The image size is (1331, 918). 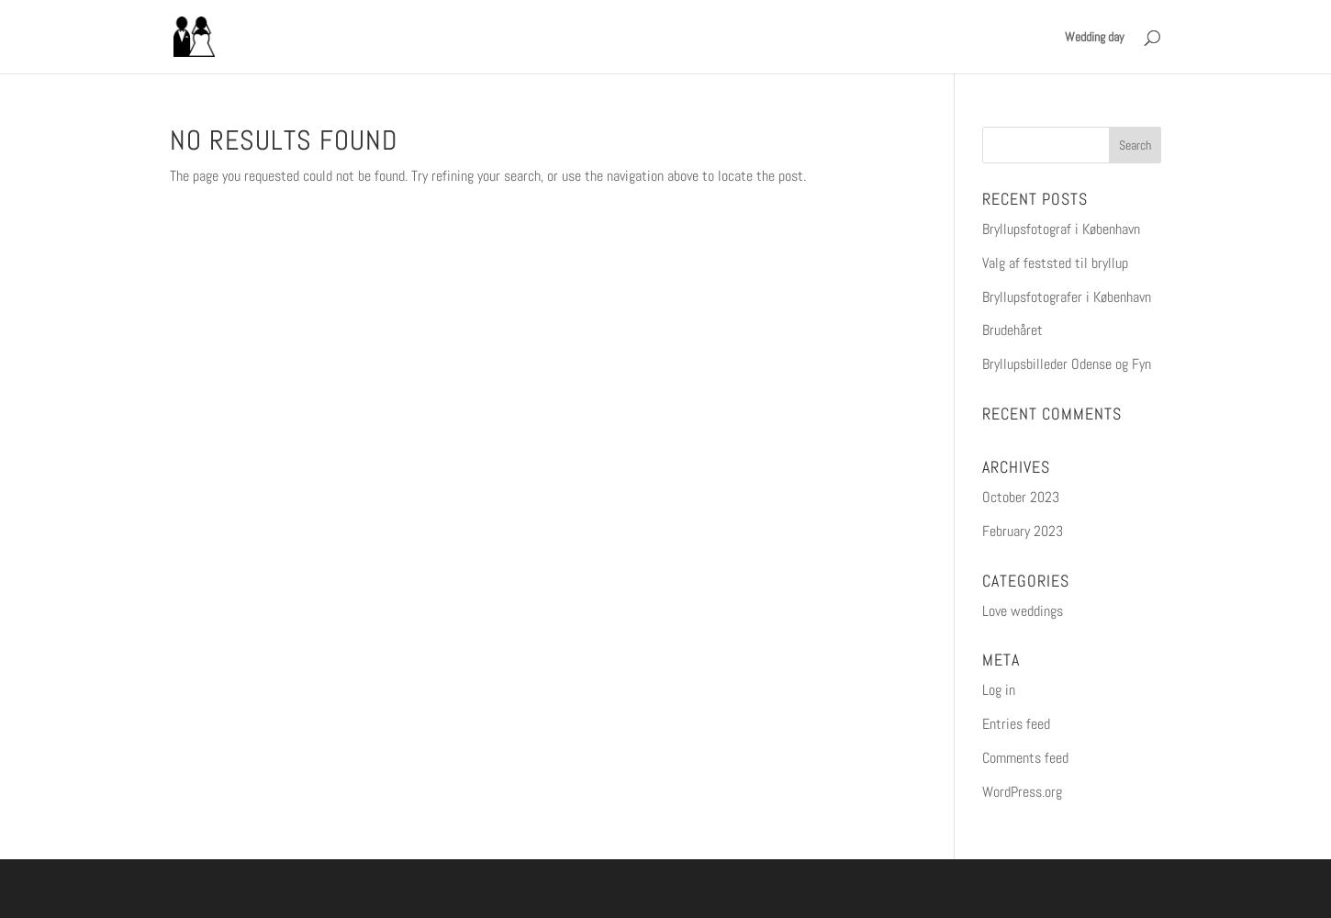 I want to click on 'February 2023', so click(x=1021, y=529).